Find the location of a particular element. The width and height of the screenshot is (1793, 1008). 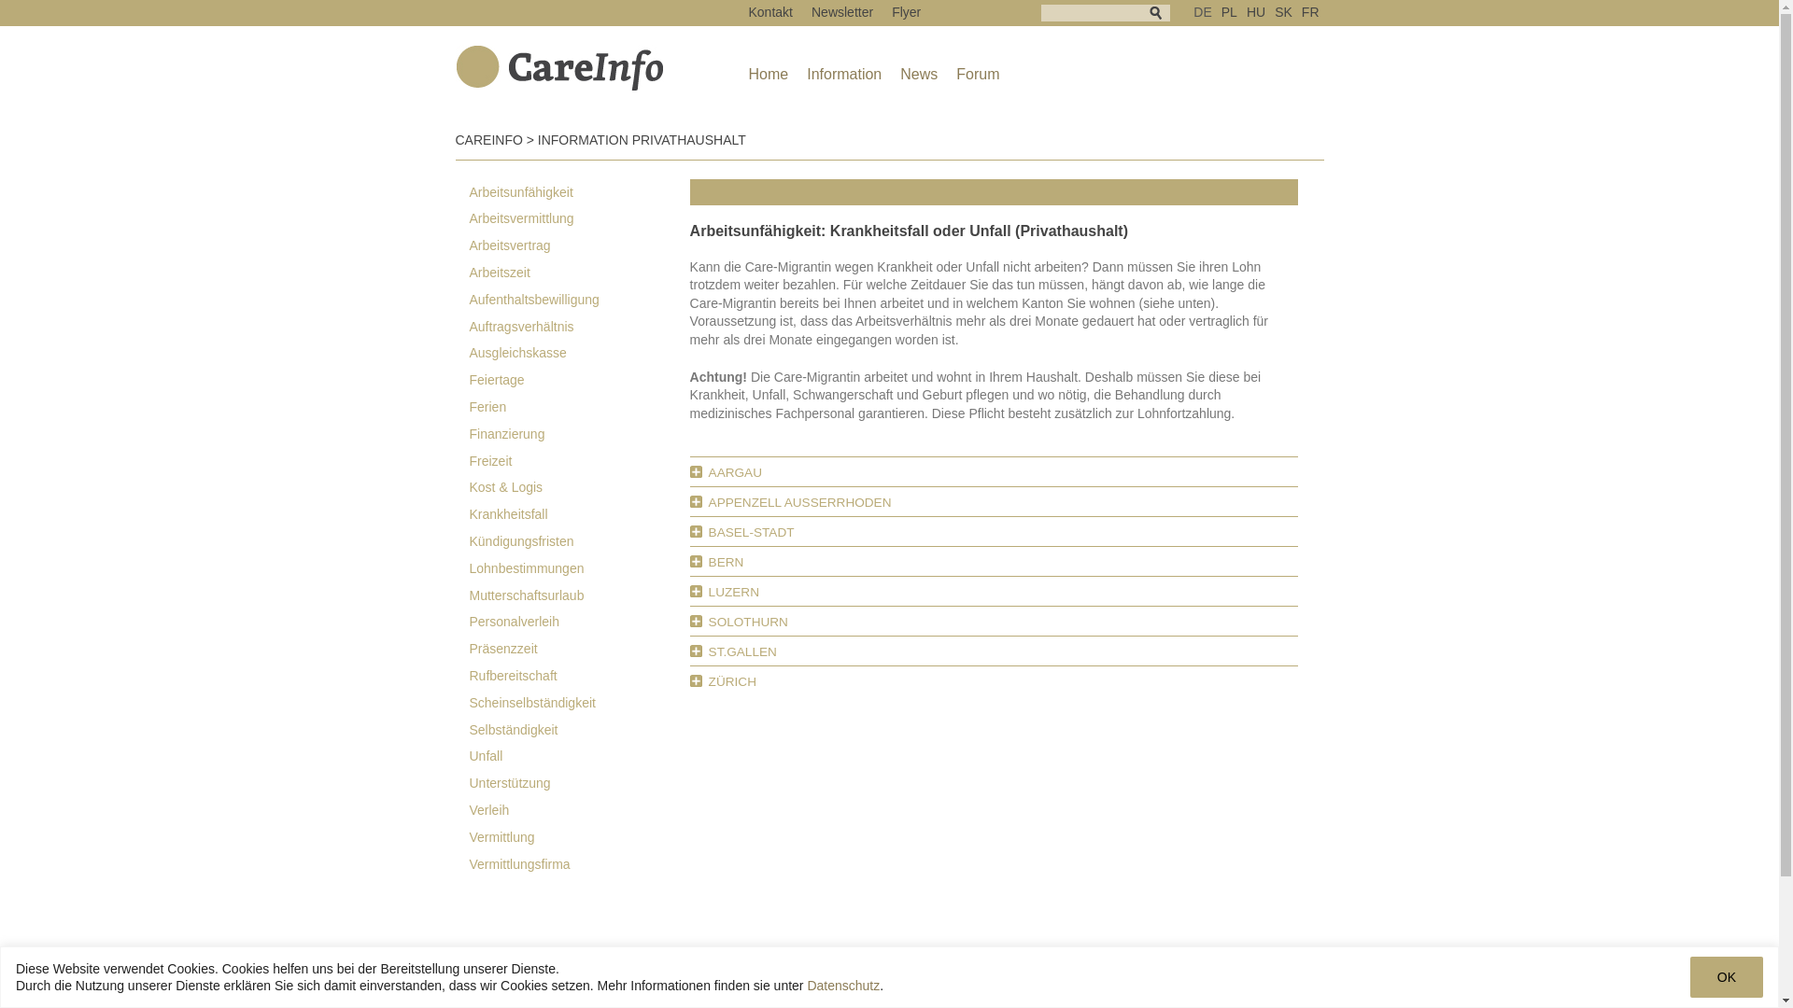

'Rufbereitschaft' is located at coordinates (578, 676).